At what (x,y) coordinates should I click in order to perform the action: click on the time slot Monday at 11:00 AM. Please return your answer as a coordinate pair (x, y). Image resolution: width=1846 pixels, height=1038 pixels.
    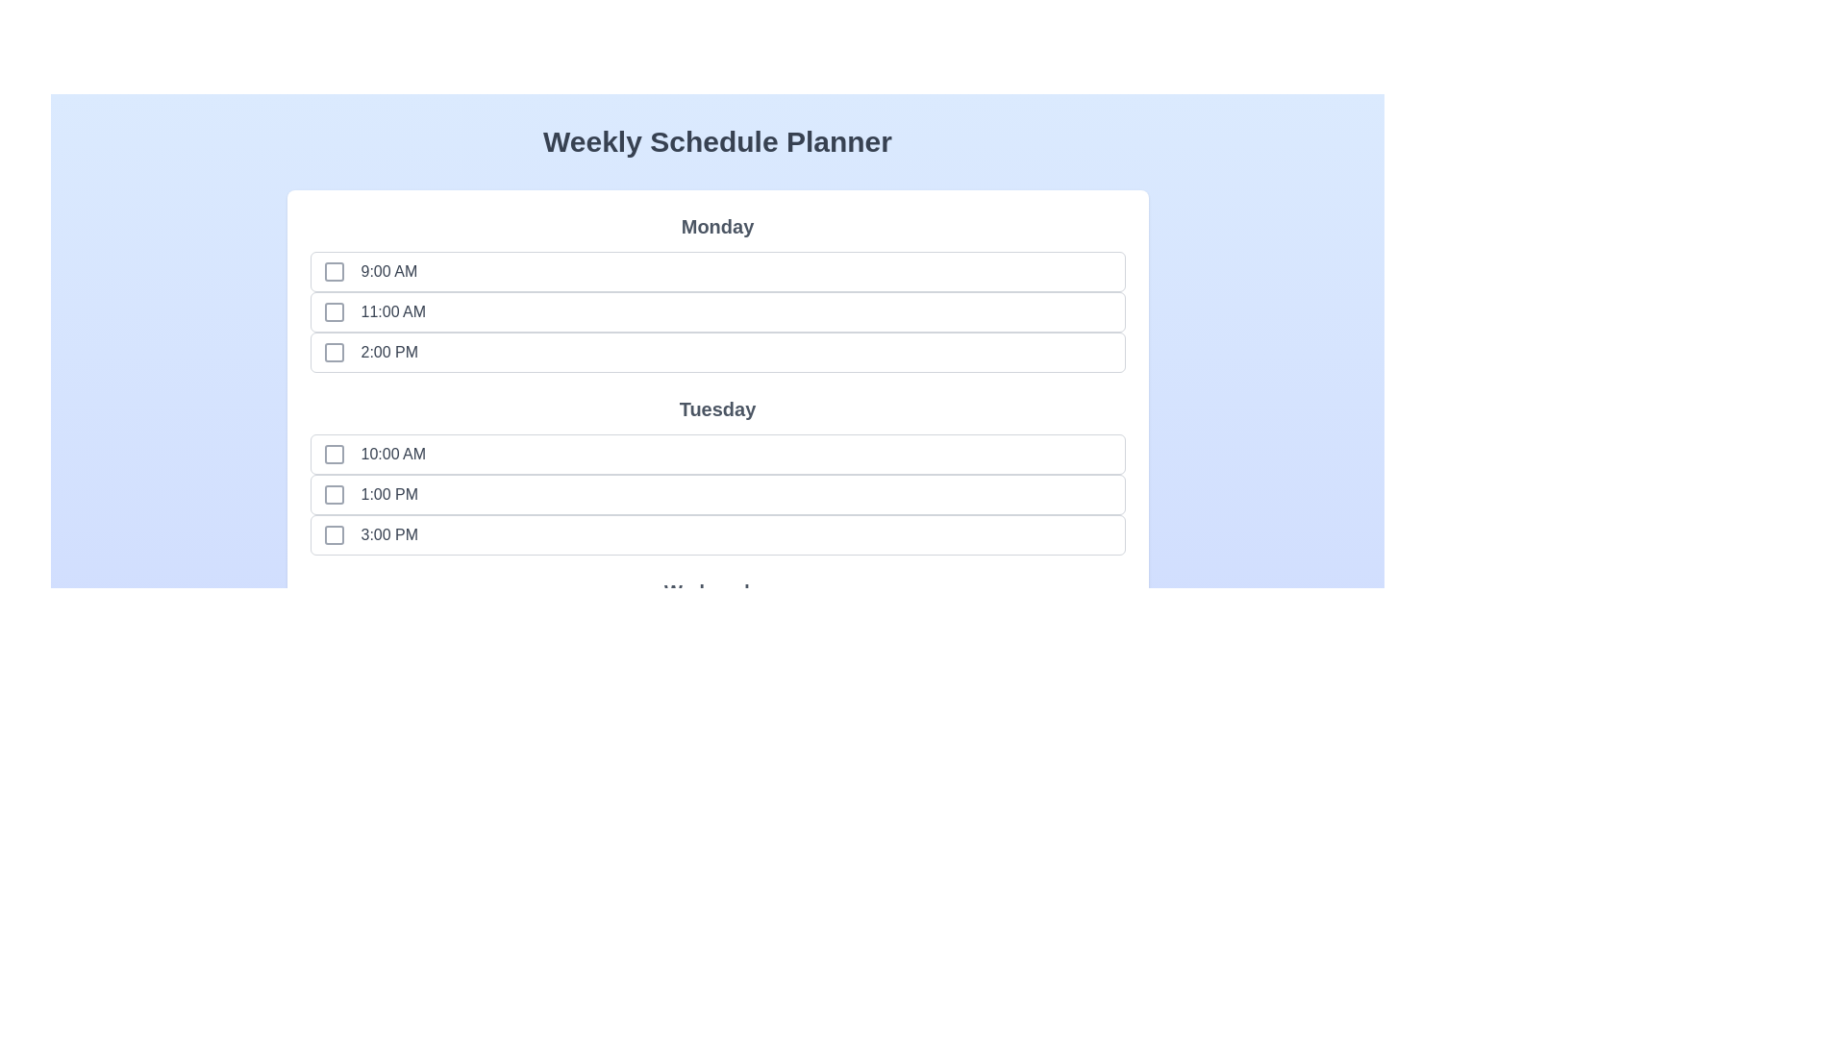
    Looking at the image, I should click on (334, 310).